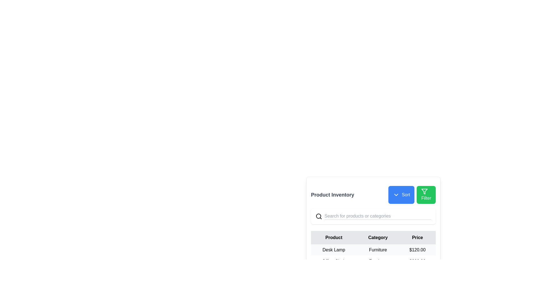  I want to click on the 'Product' header label, which is the first column header in the table indicating product information, located below the search bar, so click(334, 237).